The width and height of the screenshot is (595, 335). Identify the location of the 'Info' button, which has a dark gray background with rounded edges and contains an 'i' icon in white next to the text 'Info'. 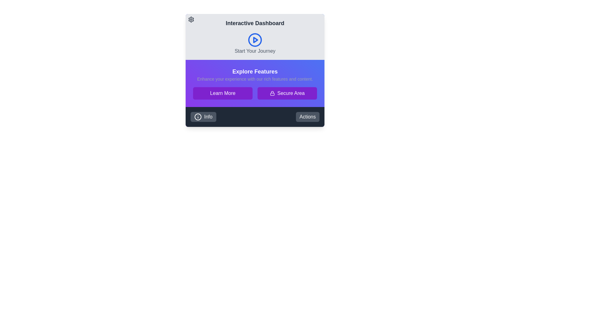
(203, 117).